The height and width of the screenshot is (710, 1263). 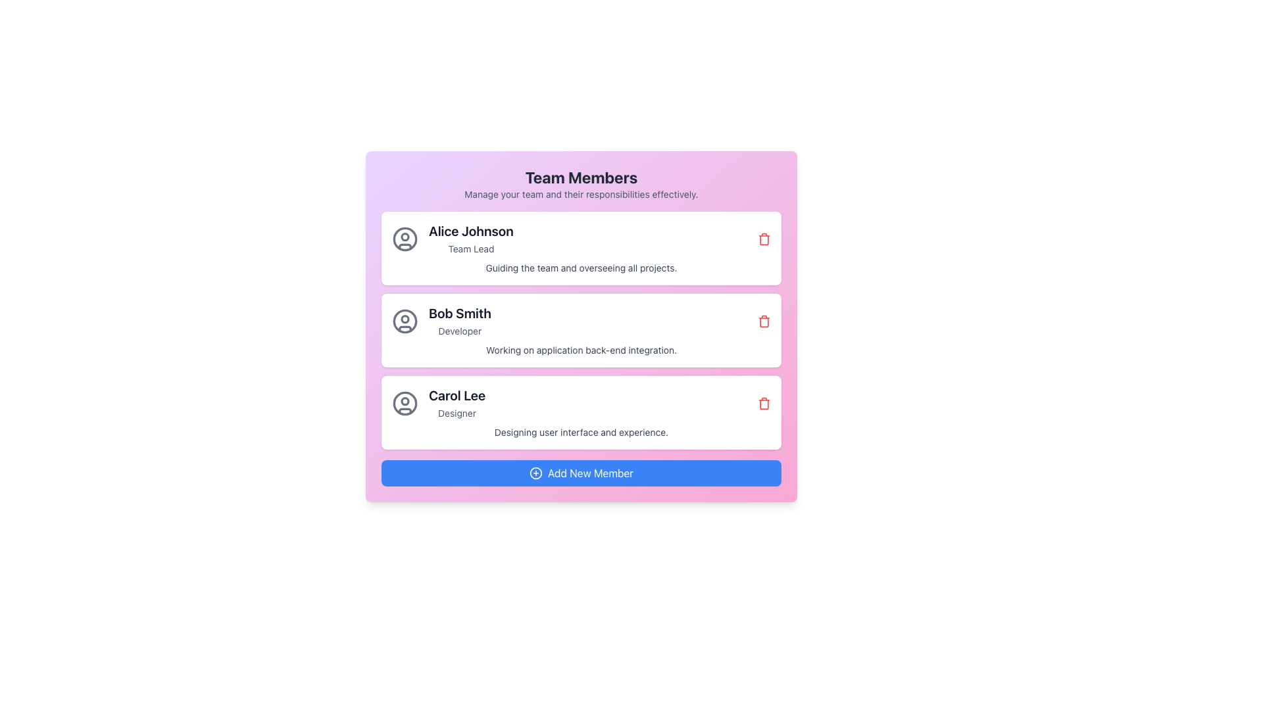 What do you see at coordinates (580, 268) in the screenshot?
I see `descriptive text about the responsibilities or role of Alice Johnson located below her title 'Team Lead' in the card representing her` at bounding box center [580, 268].